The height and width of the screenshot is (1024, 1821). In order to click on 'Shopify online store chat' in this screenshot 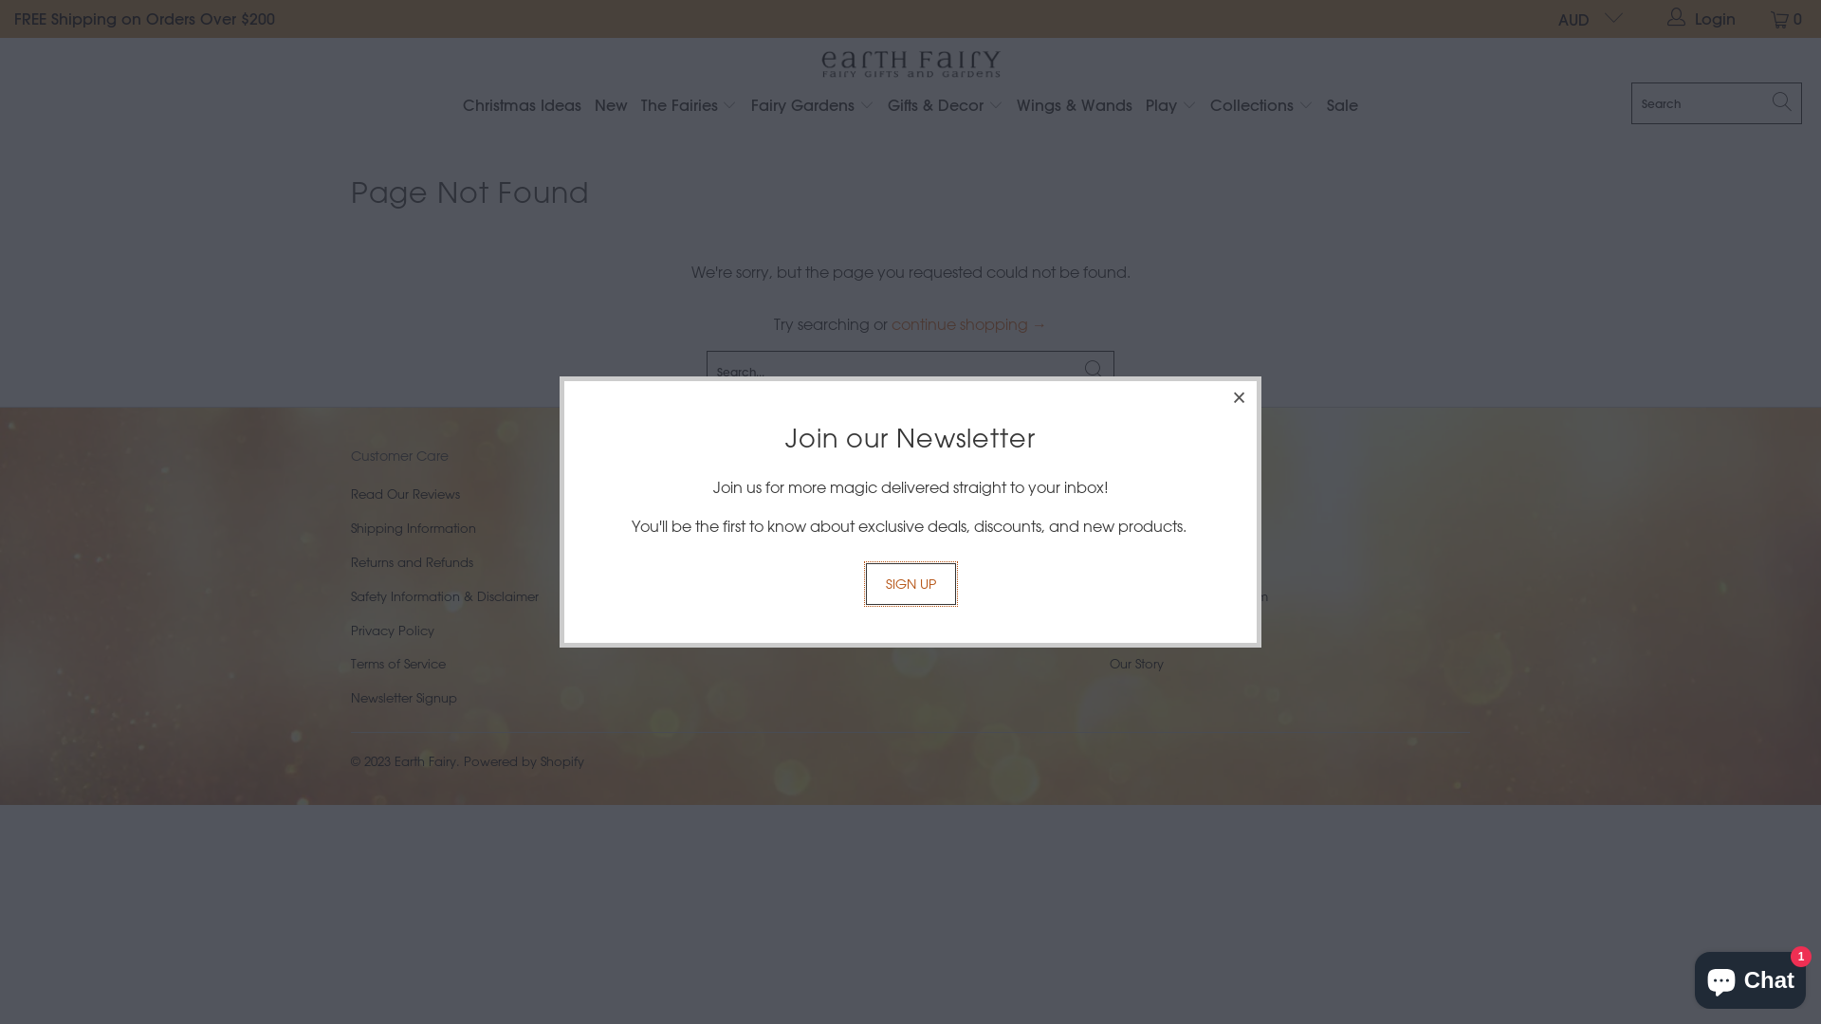, I will do `click(1688, 976)`.